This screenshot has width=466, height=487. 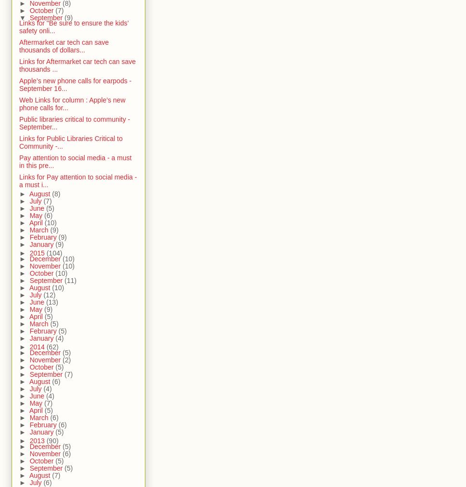 I want to click on 'Aftermarket car tech can save thousands of dollars...', so click(x=63, y=46).